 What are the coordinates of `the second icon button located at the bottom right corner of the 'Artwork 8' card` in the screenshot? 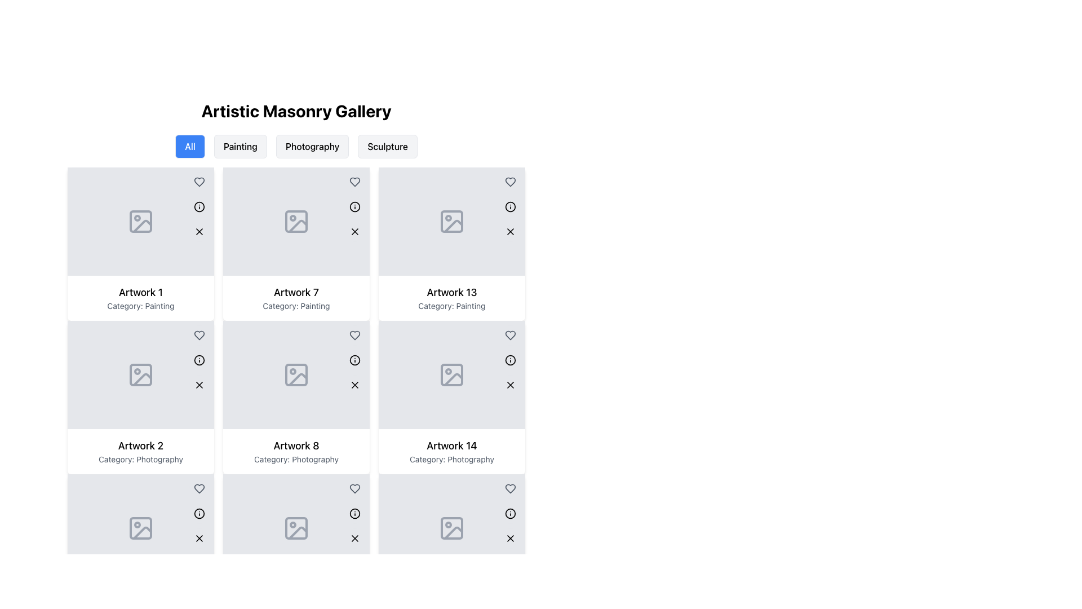 It's located at (354, 513).